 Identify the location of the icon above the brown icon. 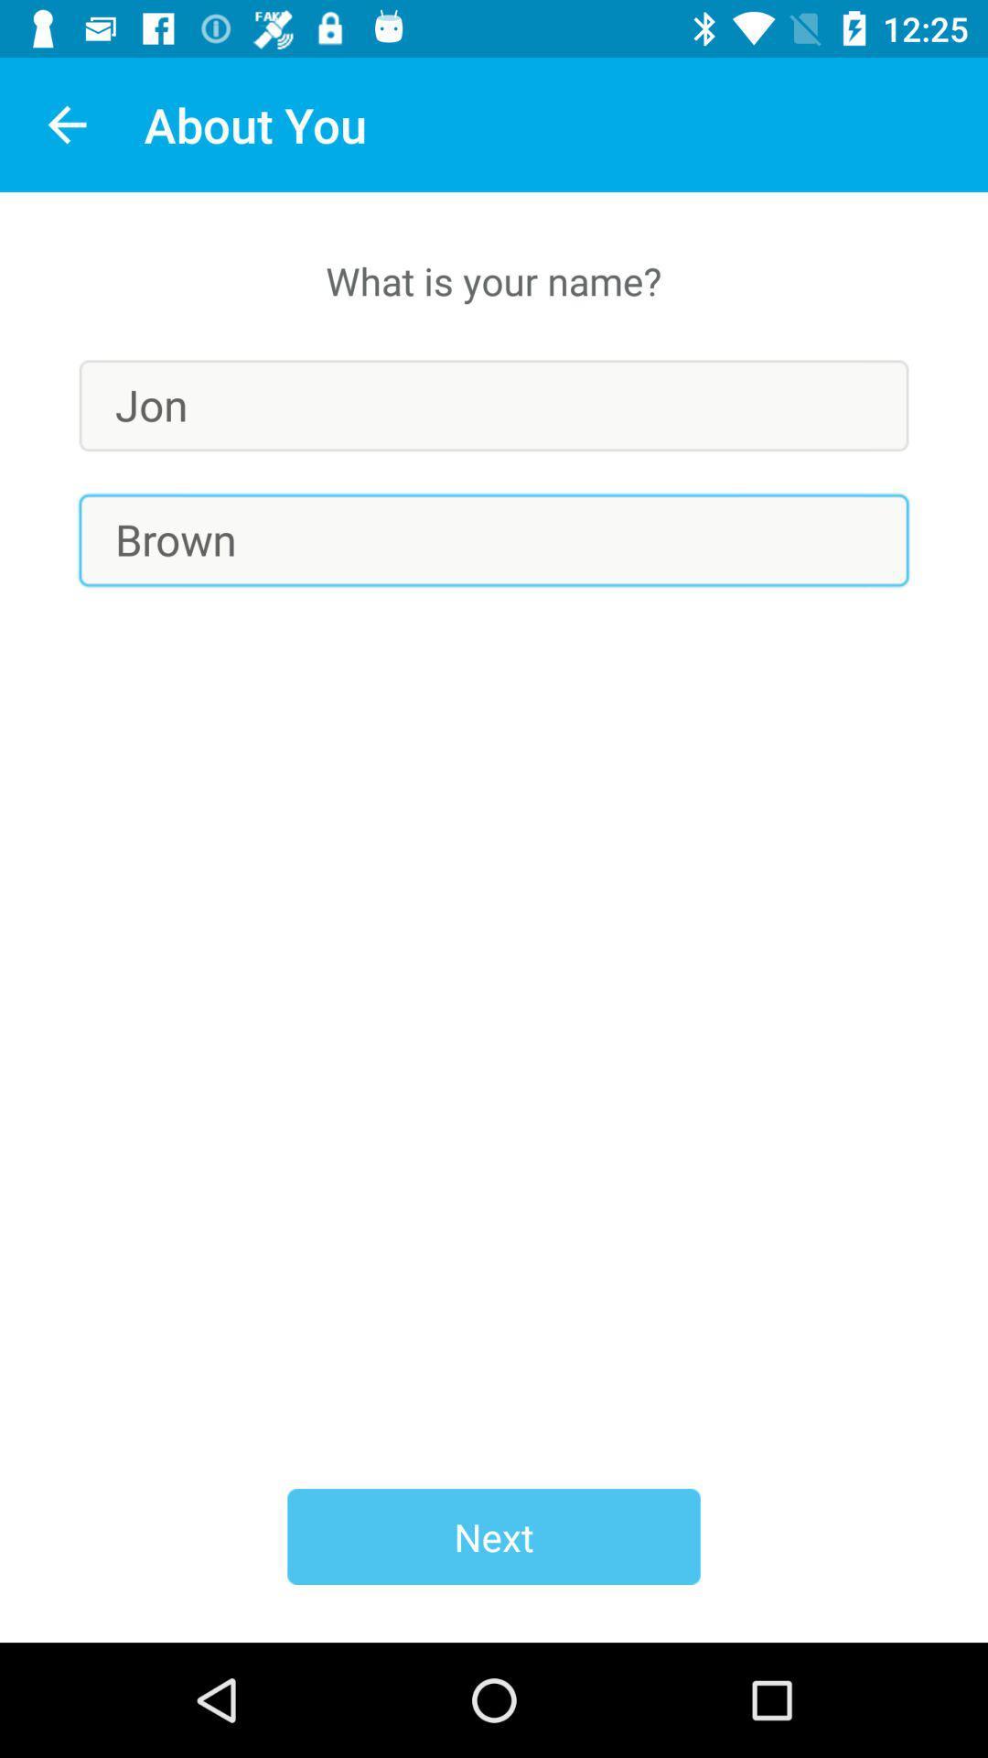
(494, 405).